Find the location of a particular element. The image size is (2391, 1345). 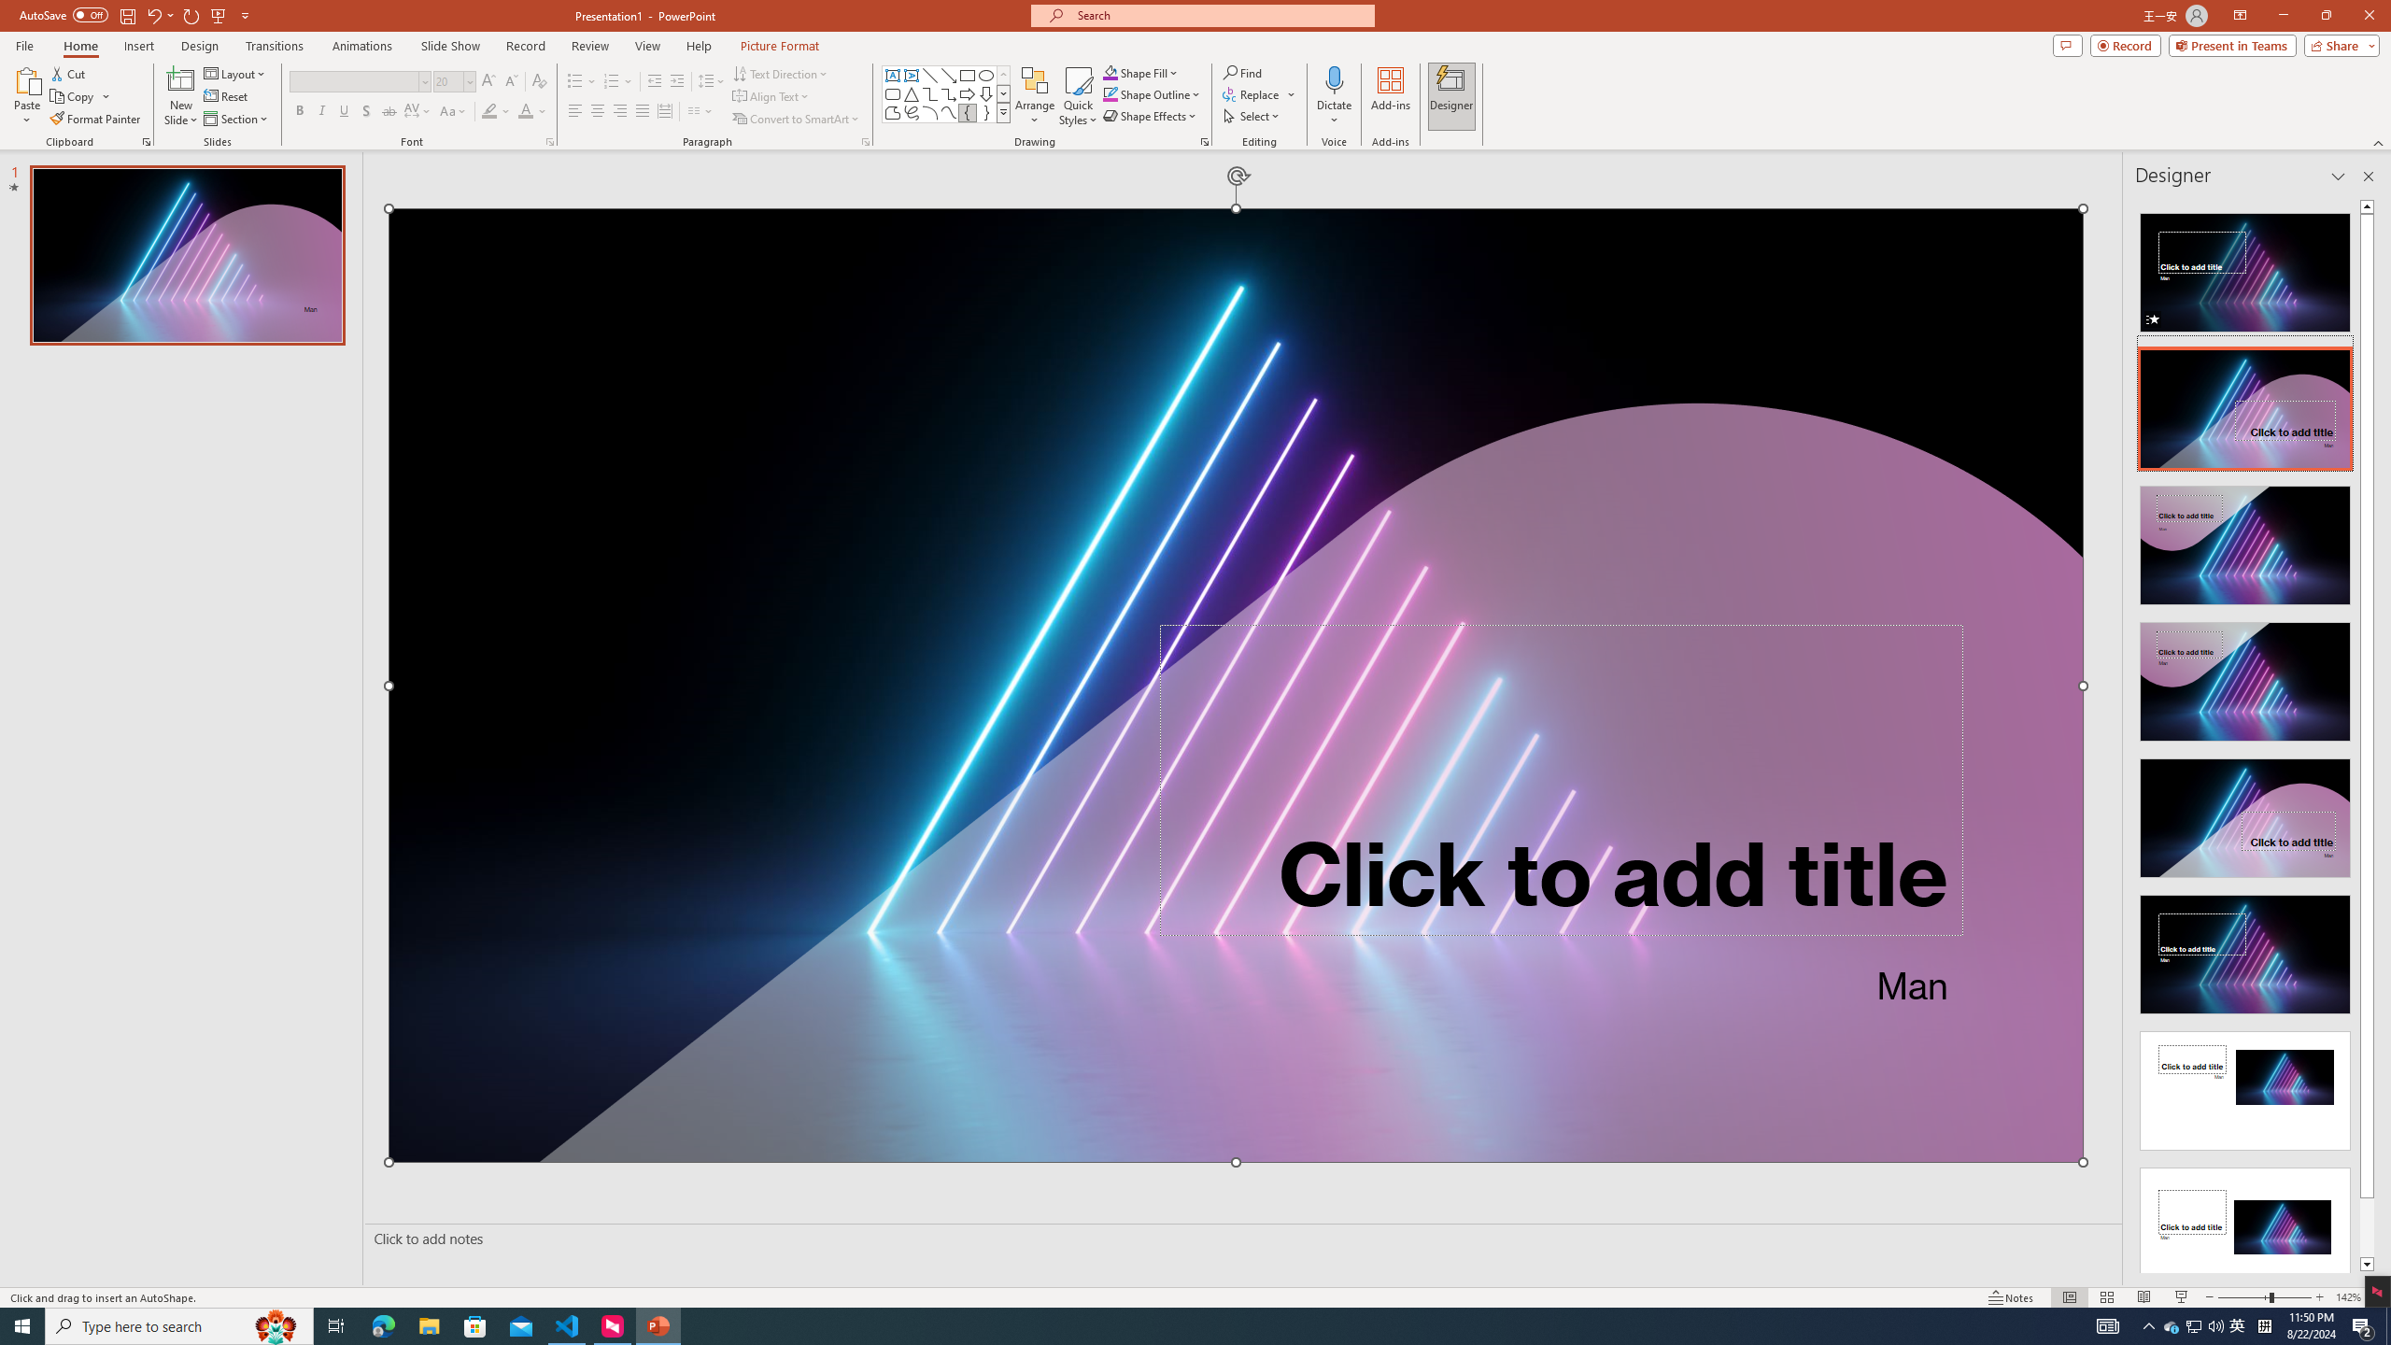

'Shape Fill Orange, Accent 2' is located at coordinates (1111, 72).